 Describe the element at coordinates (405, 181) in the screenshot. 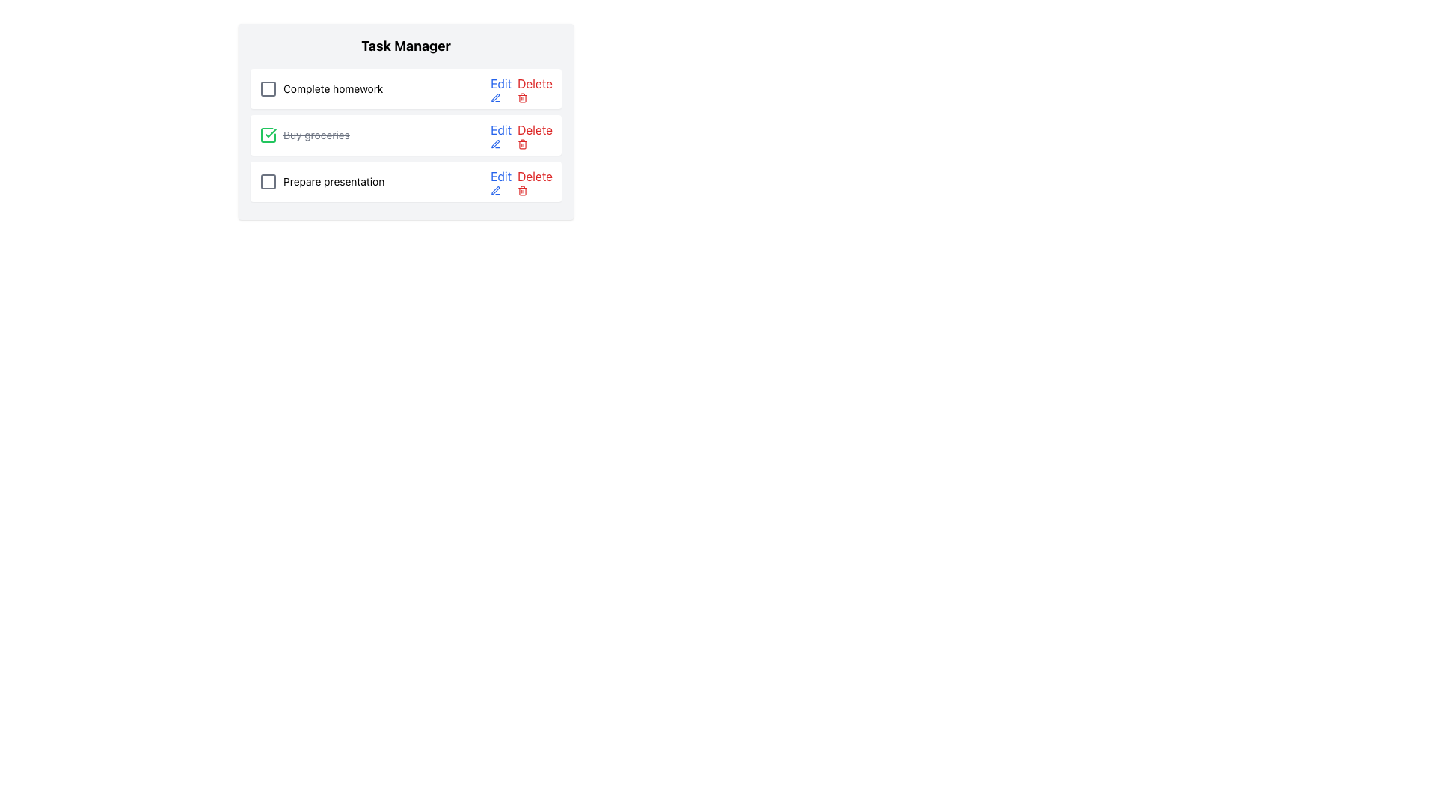

I see `the checkbox in the complex list item labeled 'Prepare presentation' to mark the task as completed` at that location.